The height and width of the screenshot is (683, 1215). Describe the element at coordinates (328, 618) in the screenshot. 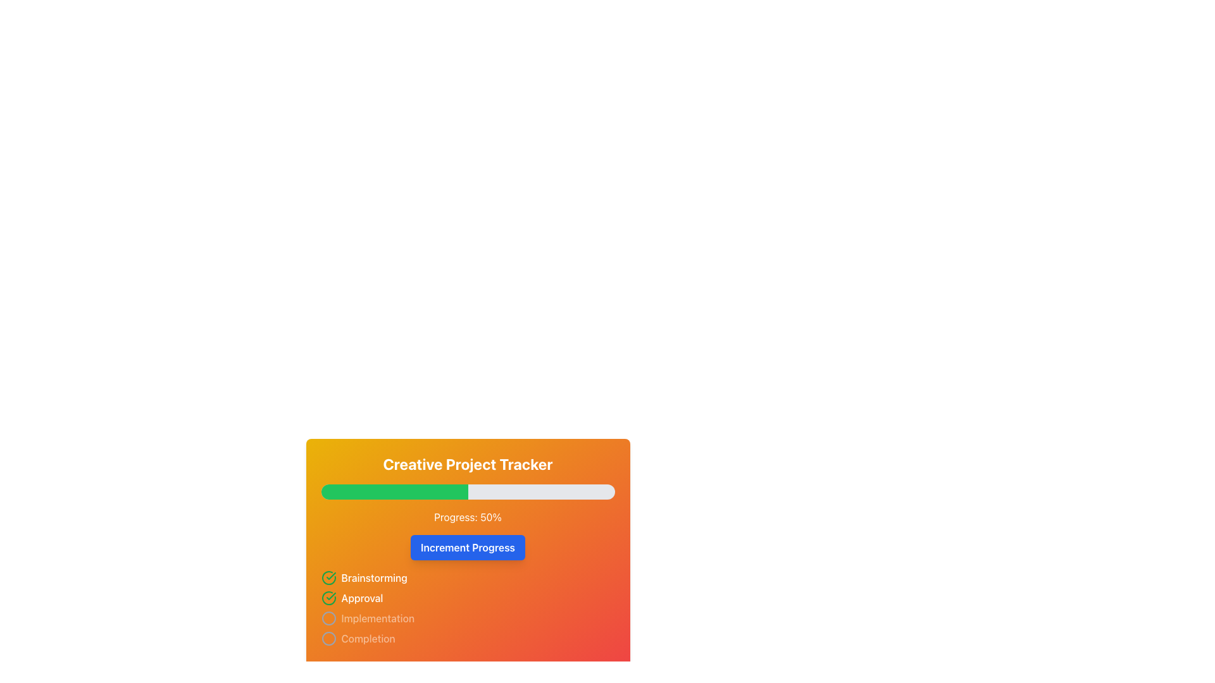

I see `the small gray circular visual indicator located near the 'Implementation' label, which is part of the 'Implementation' row under the 'Increment Progress' button` at that location.